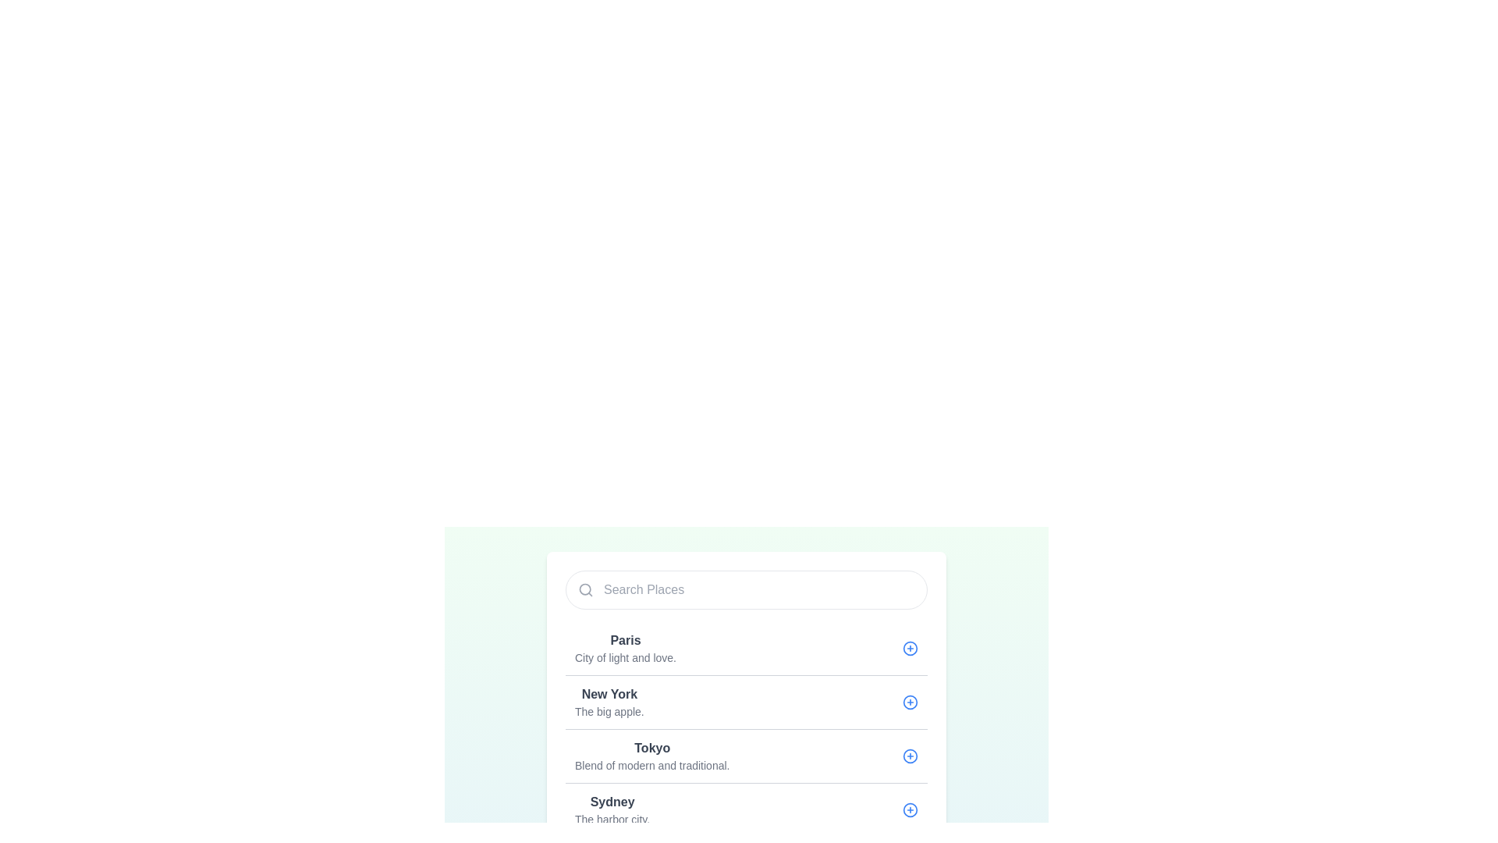  I want to click on the circular shape representing a part of the SVG icon that is styled as a plus-like symbol, located to the right of the 'New York' label in the blue-themed interface, so click(910, 701).